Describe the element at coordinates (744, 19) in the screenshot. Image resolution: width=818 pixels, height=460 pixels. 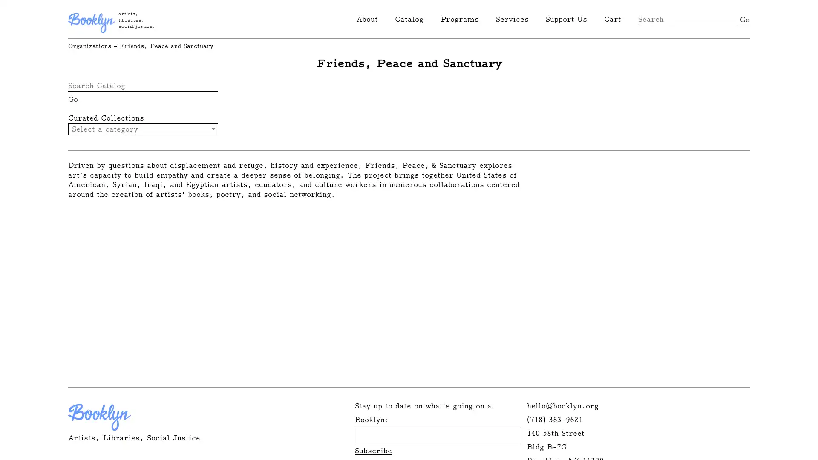
I see `Search` at that location.